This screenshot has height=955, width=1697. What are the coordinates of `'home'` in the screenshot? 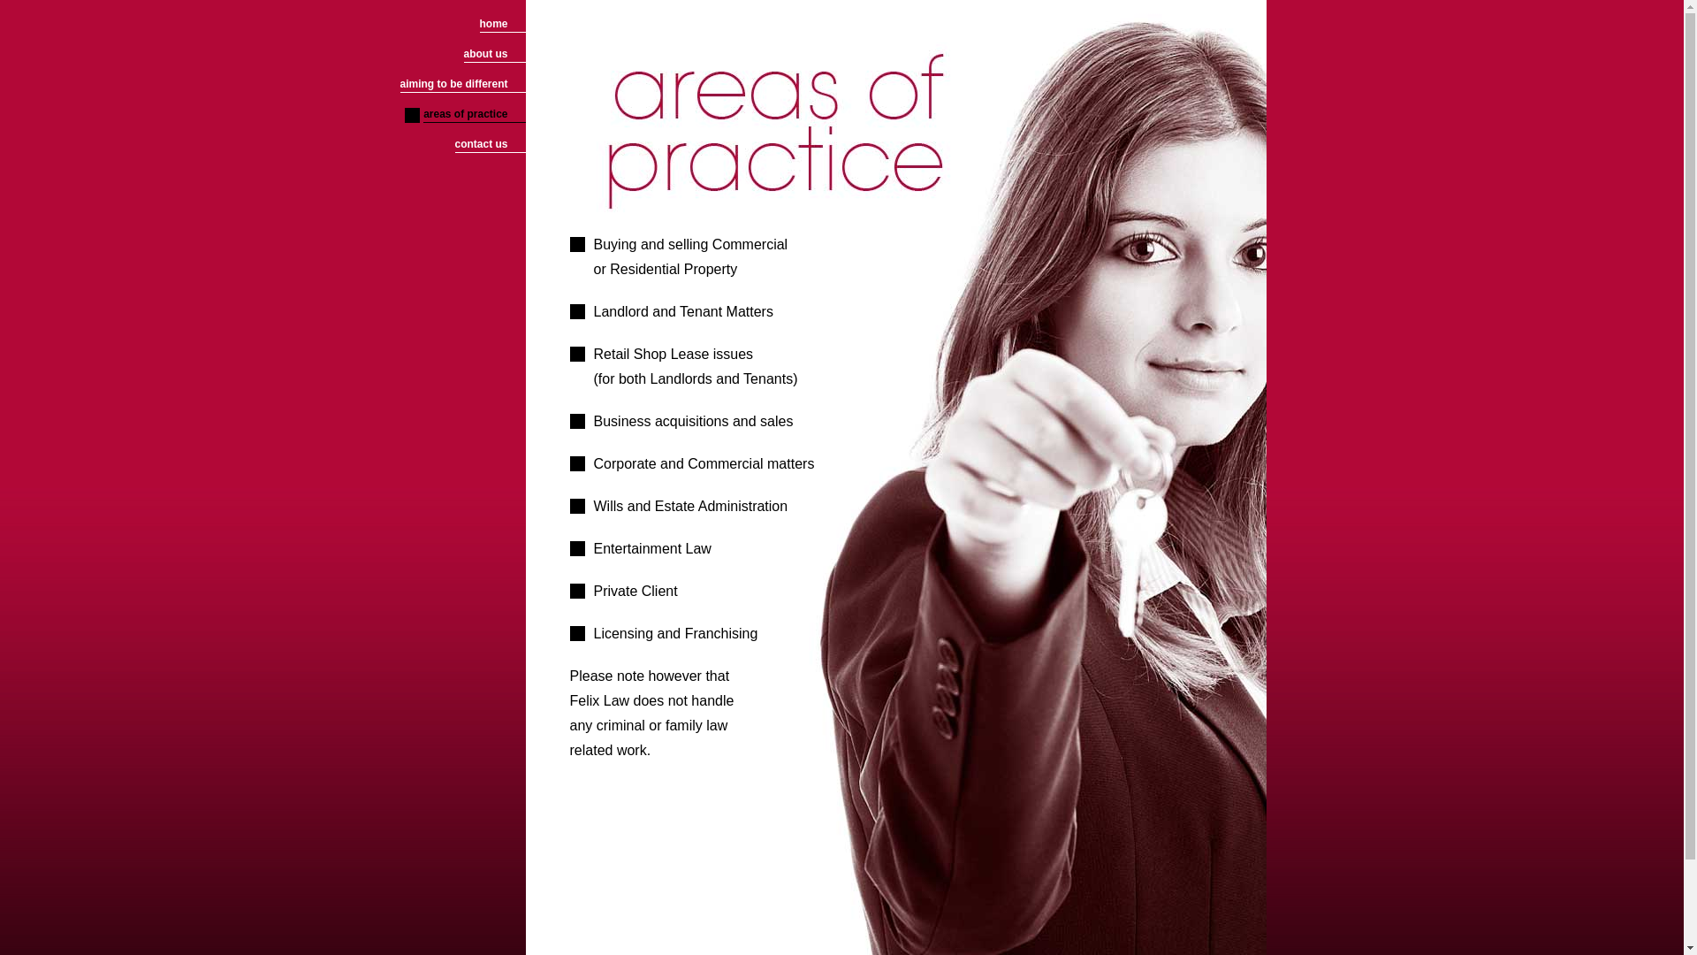 It's located at (500, 25).